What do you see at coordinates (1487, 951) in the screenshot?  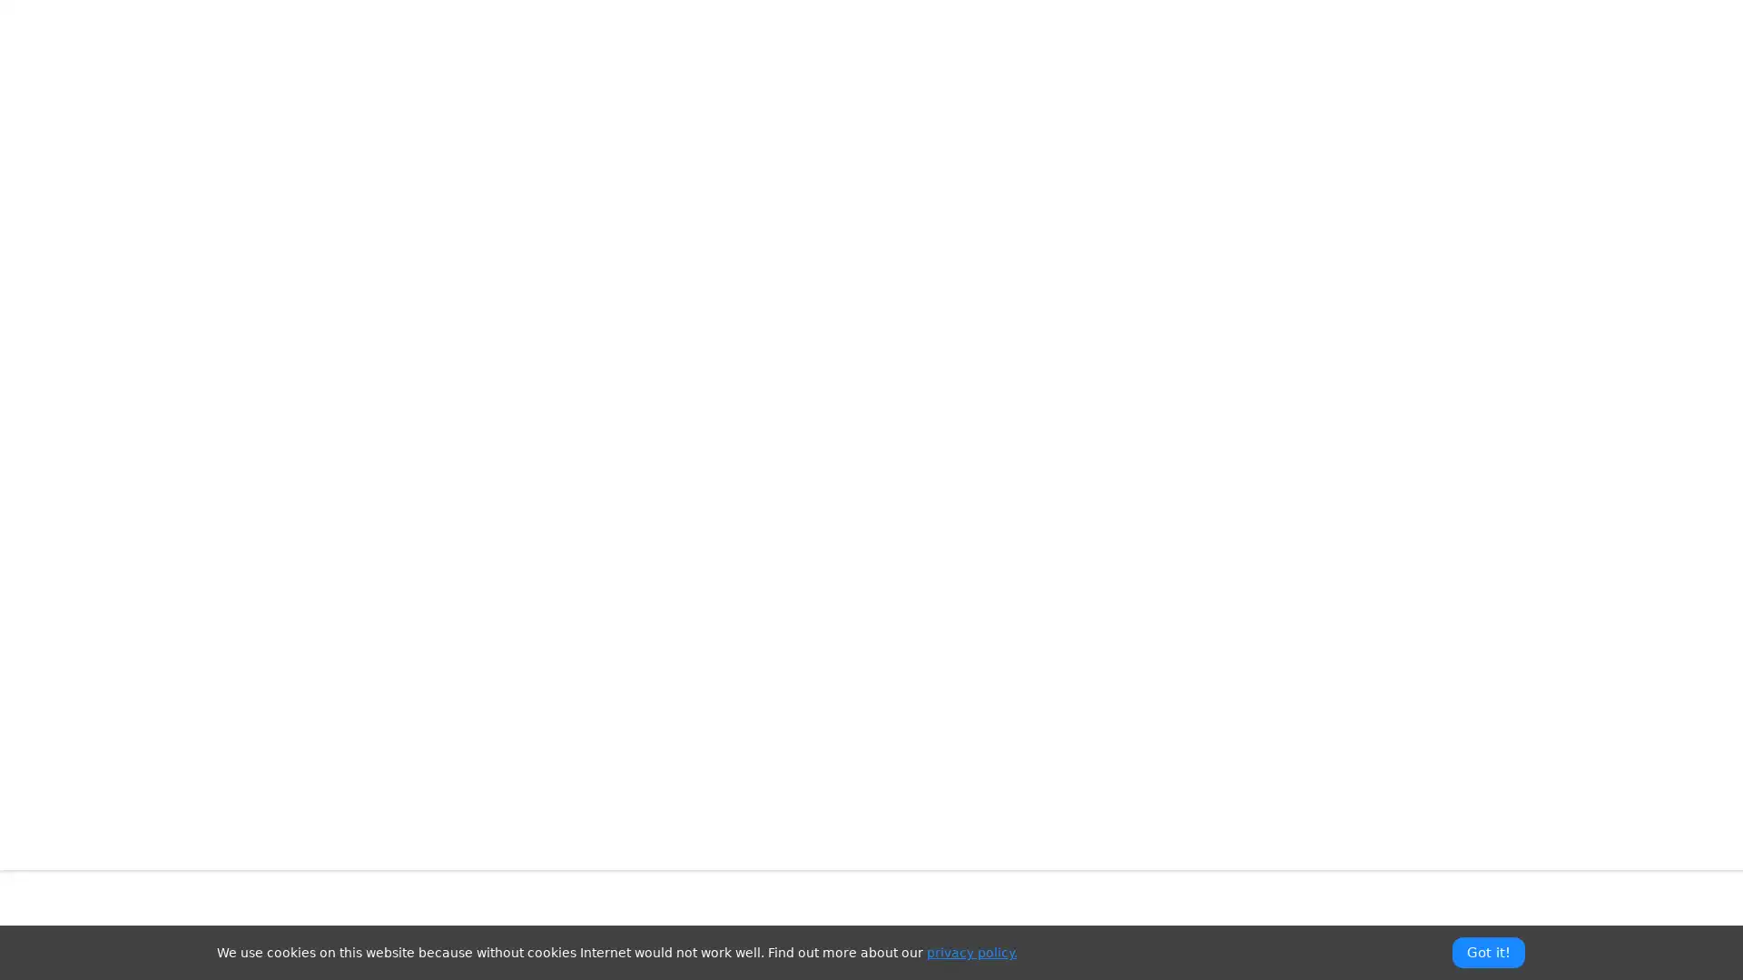 I see `Got it!` at bounding box center [1487, 951].